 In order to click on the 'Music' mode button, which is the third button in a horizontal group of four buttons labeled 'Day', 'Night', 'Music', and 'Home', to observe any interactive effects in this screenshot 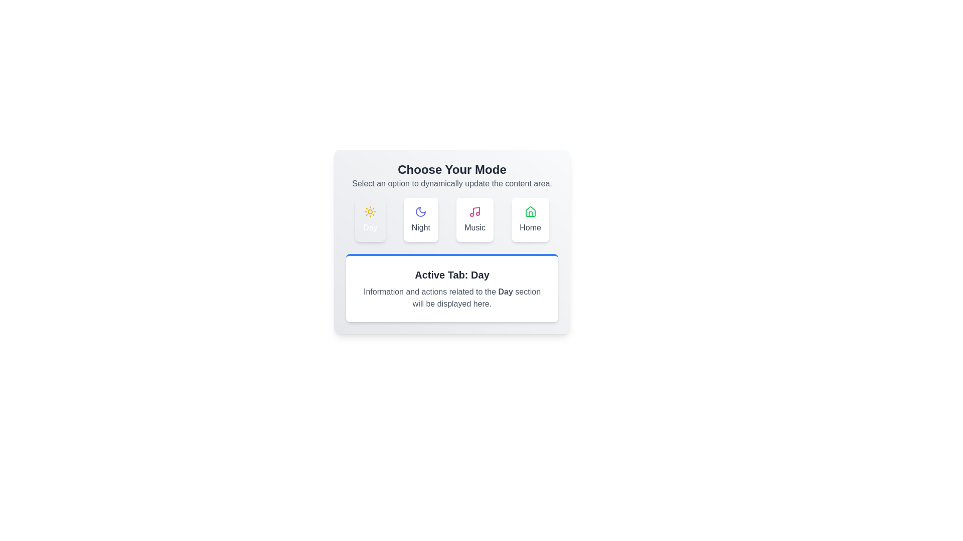, I will do `click(474, 219)`.